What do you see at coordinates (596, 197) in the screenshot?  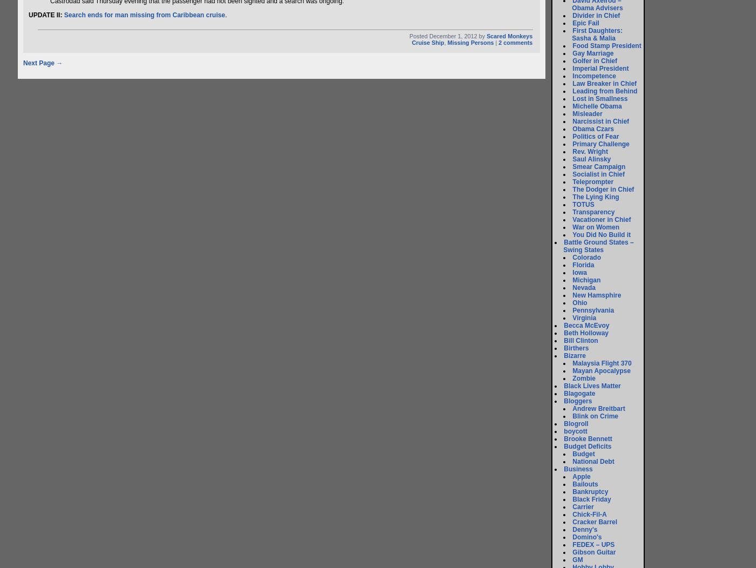 I see `'The Lying King'` at bounding box center [596, 197].